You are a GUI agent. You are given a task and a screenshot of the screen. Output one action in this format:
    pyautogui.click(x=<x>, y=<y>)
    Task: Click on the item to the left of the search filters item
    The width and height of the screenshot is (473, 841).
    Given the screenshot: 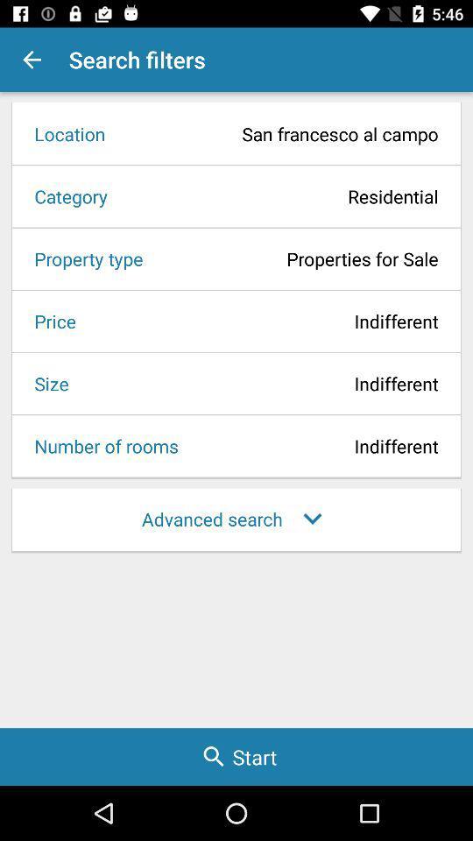 What is the action you would take?
    pyautogui.click(x=32, y=60)
    